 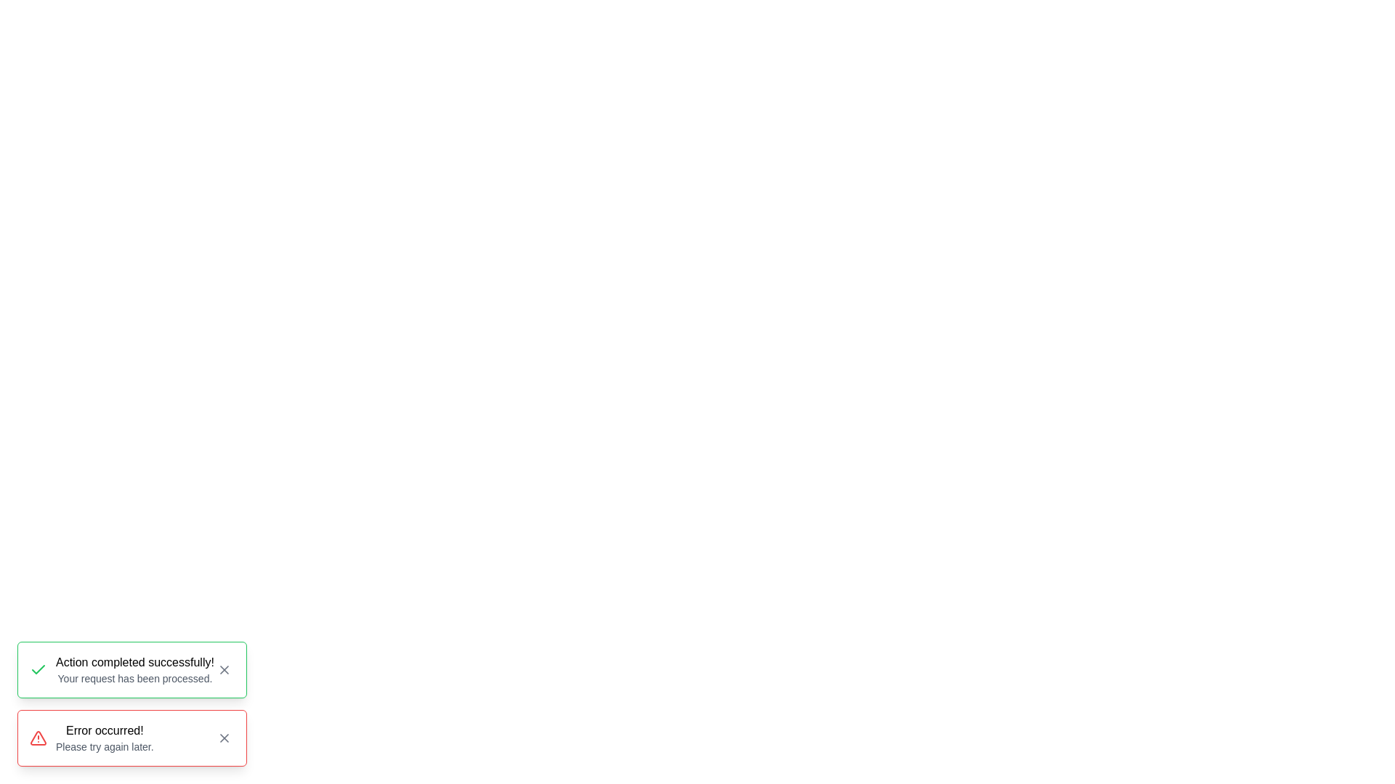 What do you see at coordinates (223, 669) in the screenshot?
I see `close button of the notification with the message 'Action completed successfully!'` at bounding box center [223, 669].